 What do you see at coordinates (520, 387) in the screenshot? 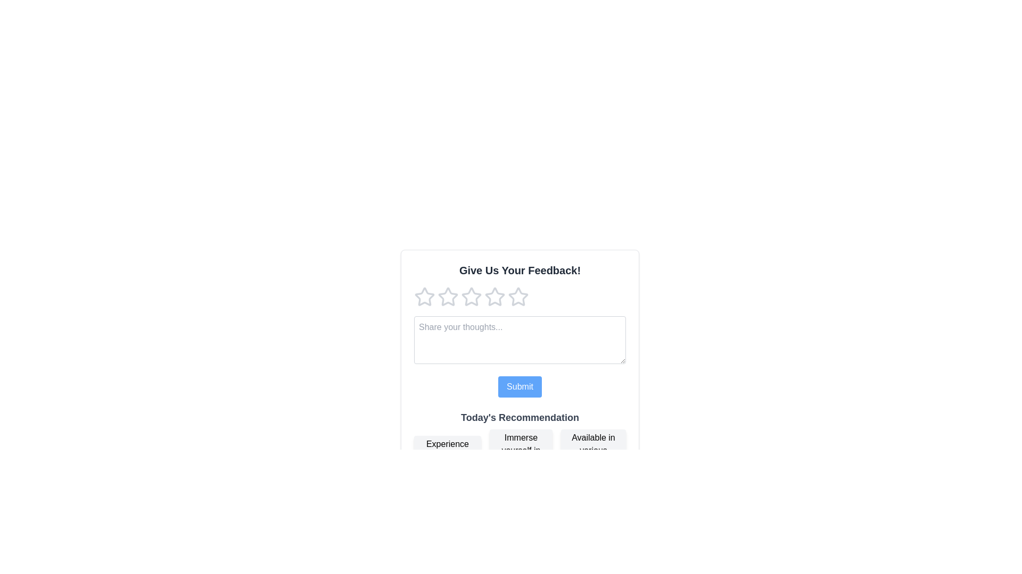
I see `the submit button located beneath the 'Share your thoughts...' text area in the feedback form` at bounding box center [520, 387].